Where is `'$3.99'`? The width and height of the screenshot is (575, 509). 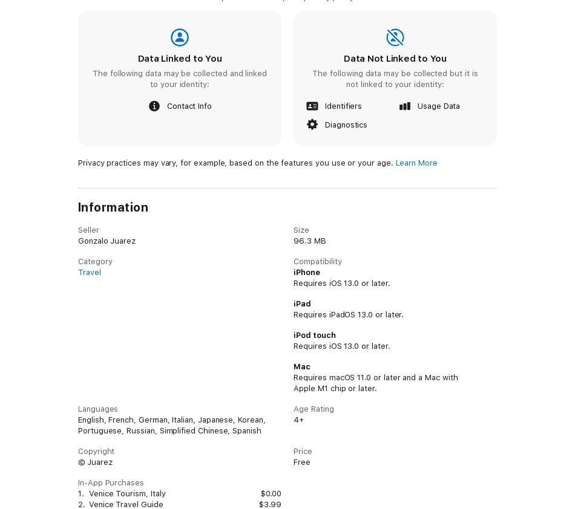
'$3.99' is located at coordinates (269, 504).